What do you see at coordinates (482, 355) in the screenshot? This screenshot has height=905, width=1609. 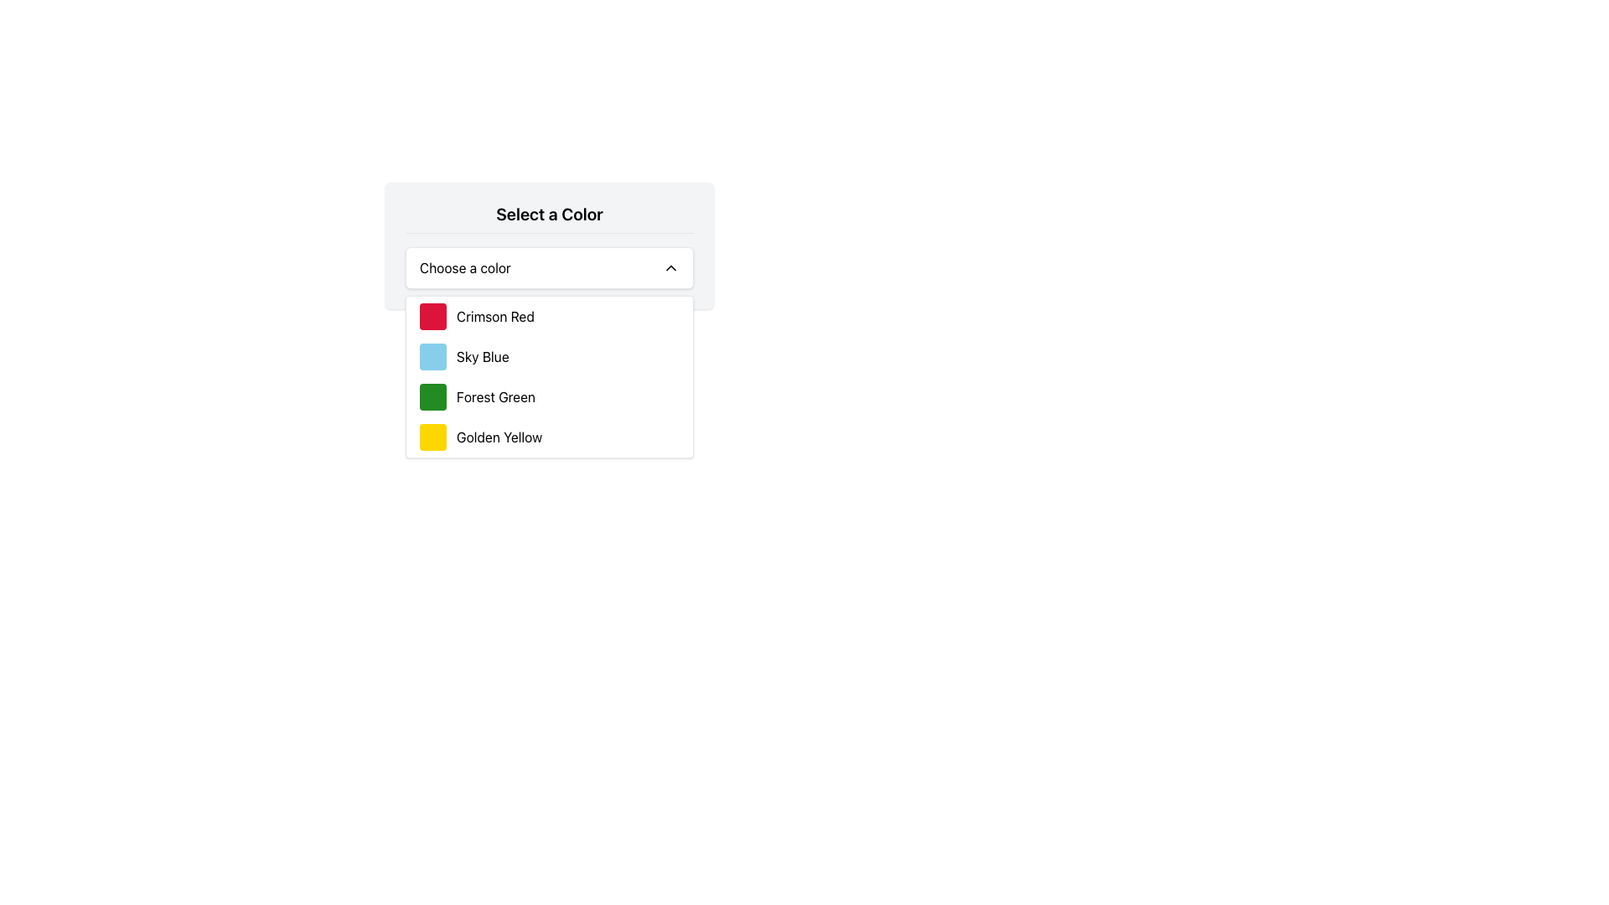 I see `the Text Label displaying 'Sky Blue' in the dropdown menu under 'Select a Color'` at bounding box center [482, 355].